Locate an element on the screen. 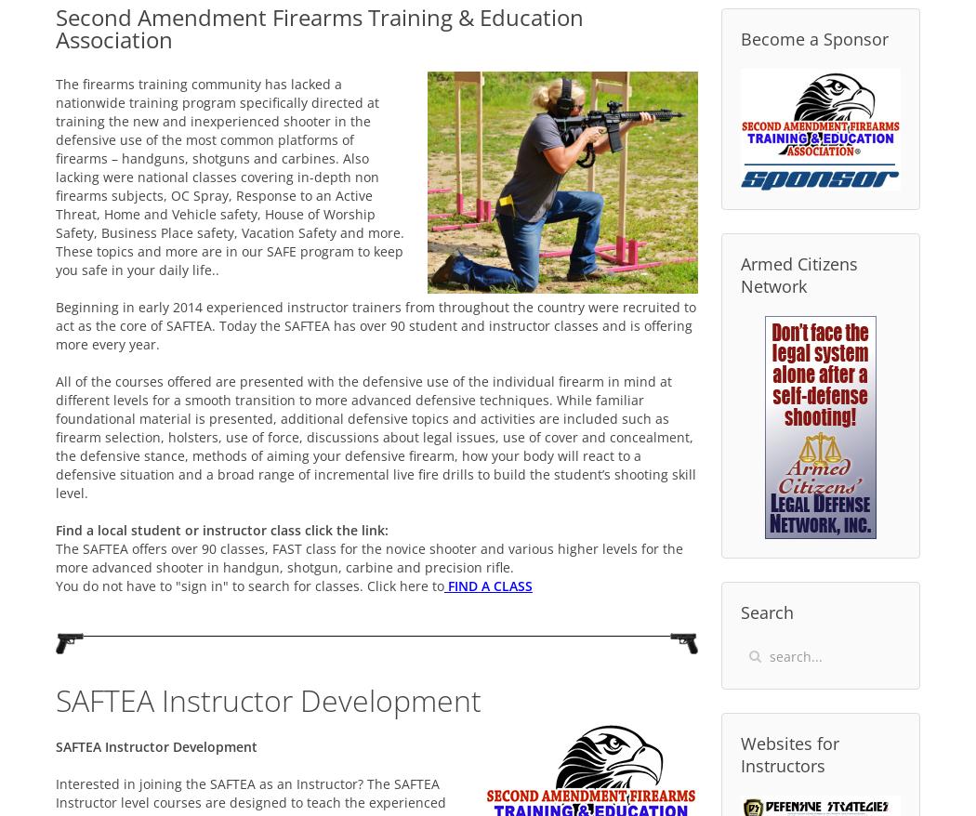  'You do not have to "sign in" to search for classes. Click here to' is located at coordinates (249, 584).